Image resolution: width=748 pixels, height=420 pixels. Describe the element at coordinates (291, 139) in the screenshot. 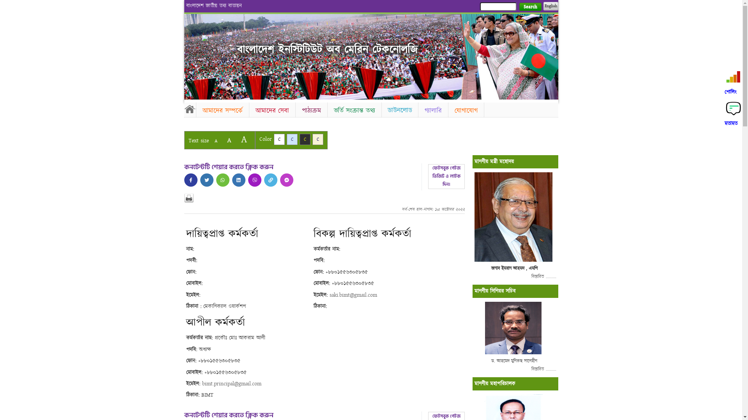

I see `'C'` at that location.